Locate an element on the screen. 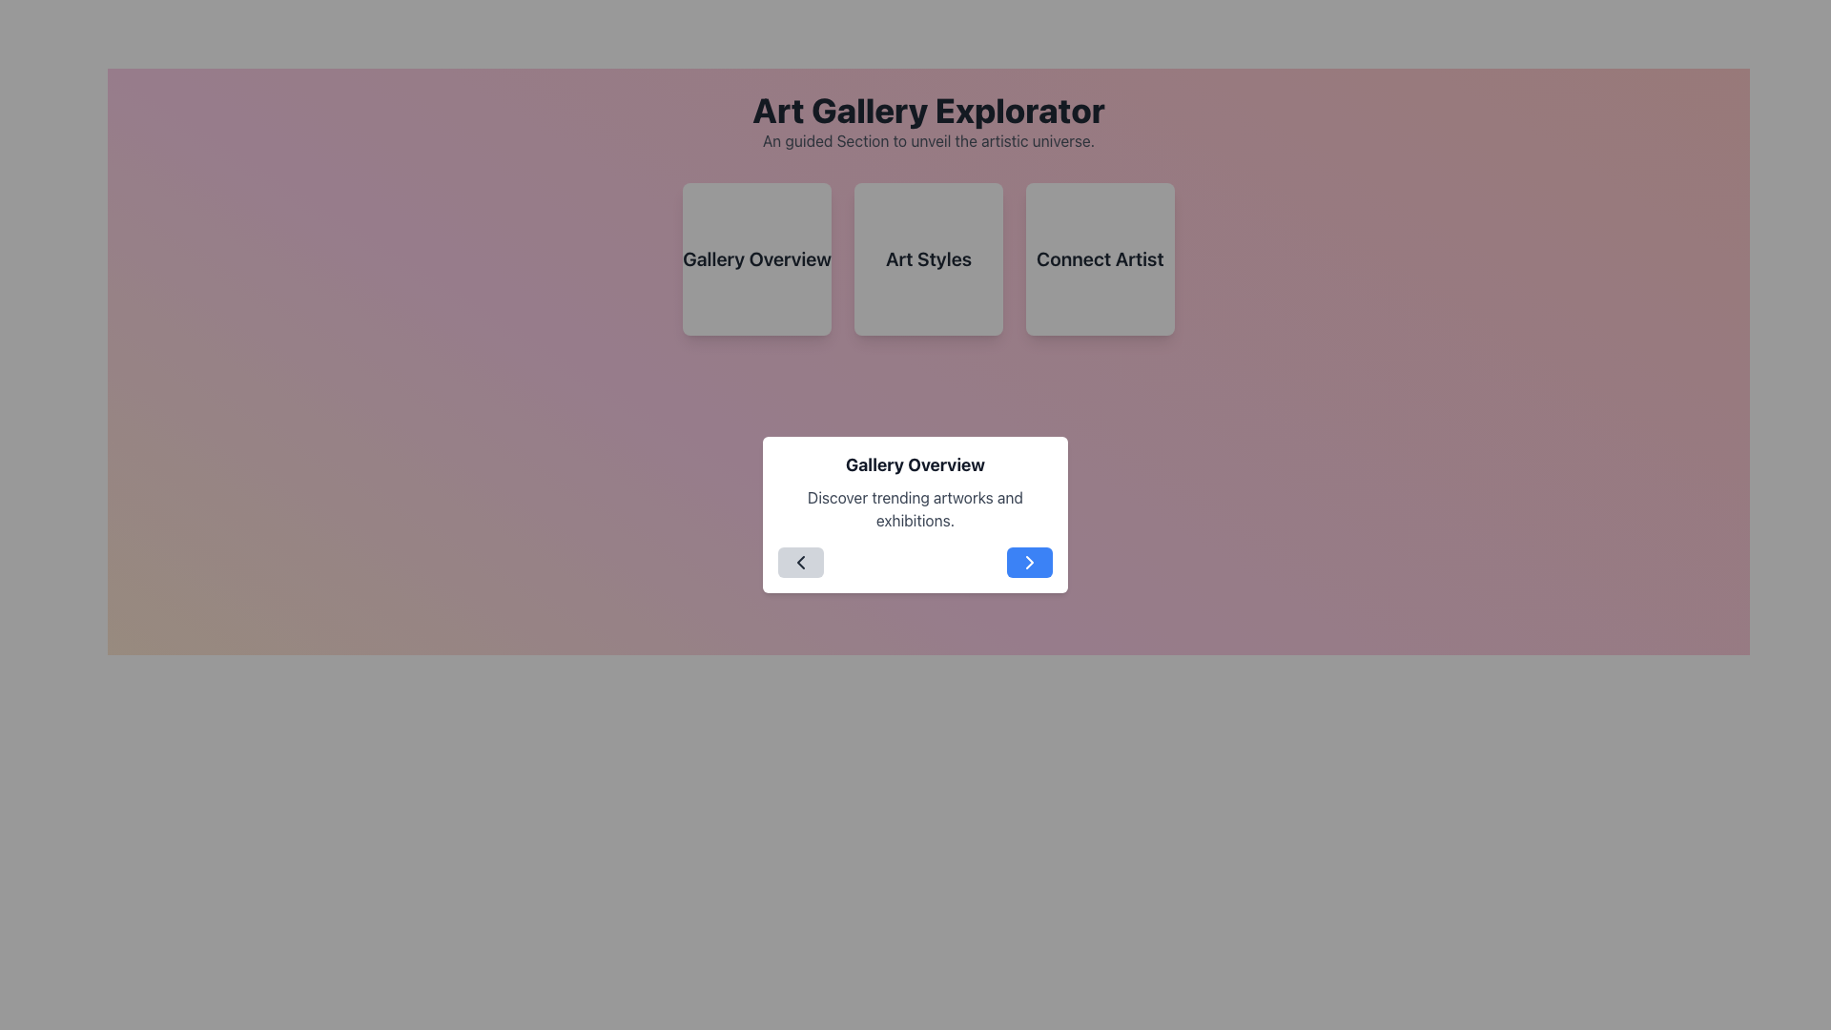 Image resolution: width=1831 pixels, height=1030 pixels. the 'Gallery Overview' clickable card, which is the first card in a row of three is located at coordinates (756, 259).